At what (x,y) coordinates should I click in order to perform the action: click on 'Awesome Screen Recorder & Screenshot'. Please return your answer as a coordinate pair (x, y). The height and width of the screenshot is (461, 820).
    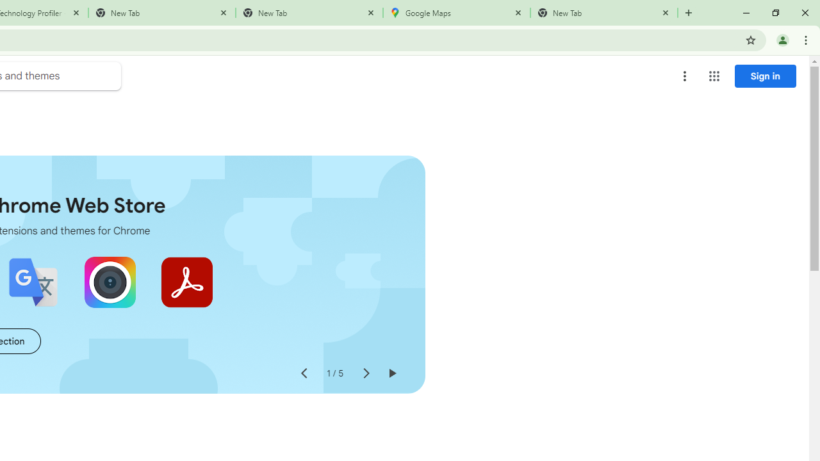
    Looking at the image, I should click on (110, 282).